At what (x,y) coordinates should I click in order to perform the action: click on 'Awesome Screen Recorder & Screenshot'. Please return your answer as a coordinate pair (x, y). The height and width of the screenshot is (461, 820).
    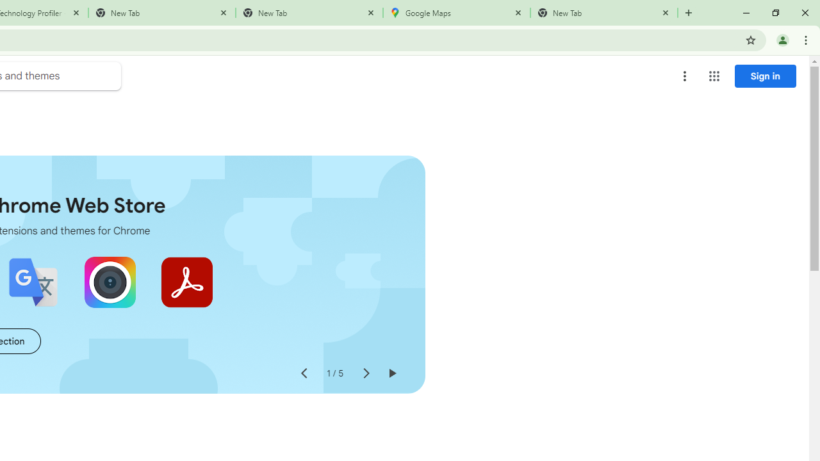
    Looking at the image, I should click on (110, 282).